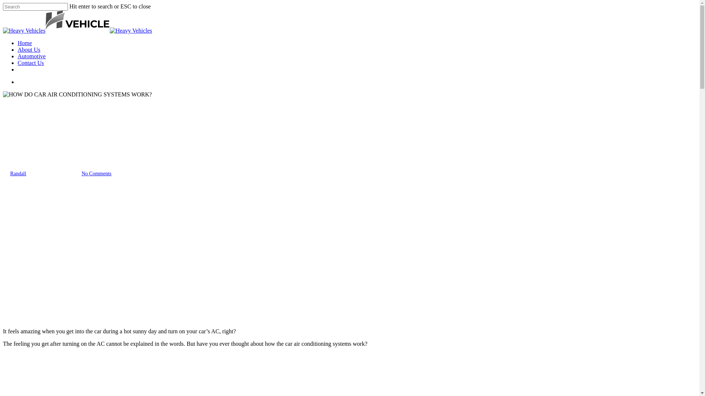 The image size is (705, 396). I want to click on 'About Us', so click(29, 49).